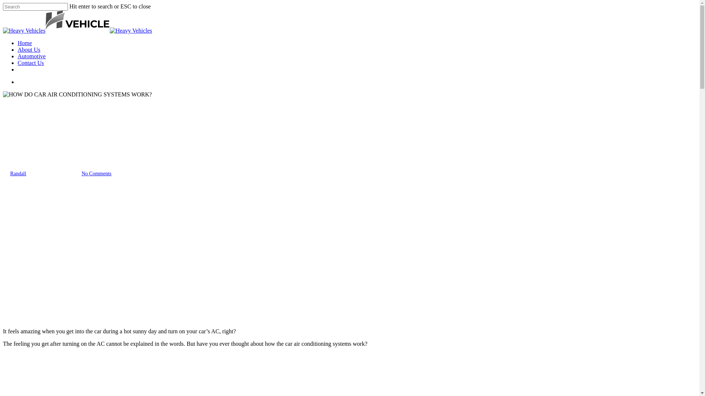 The image size is (705, 396). I want to click on 'About Us', so click(29, 49).